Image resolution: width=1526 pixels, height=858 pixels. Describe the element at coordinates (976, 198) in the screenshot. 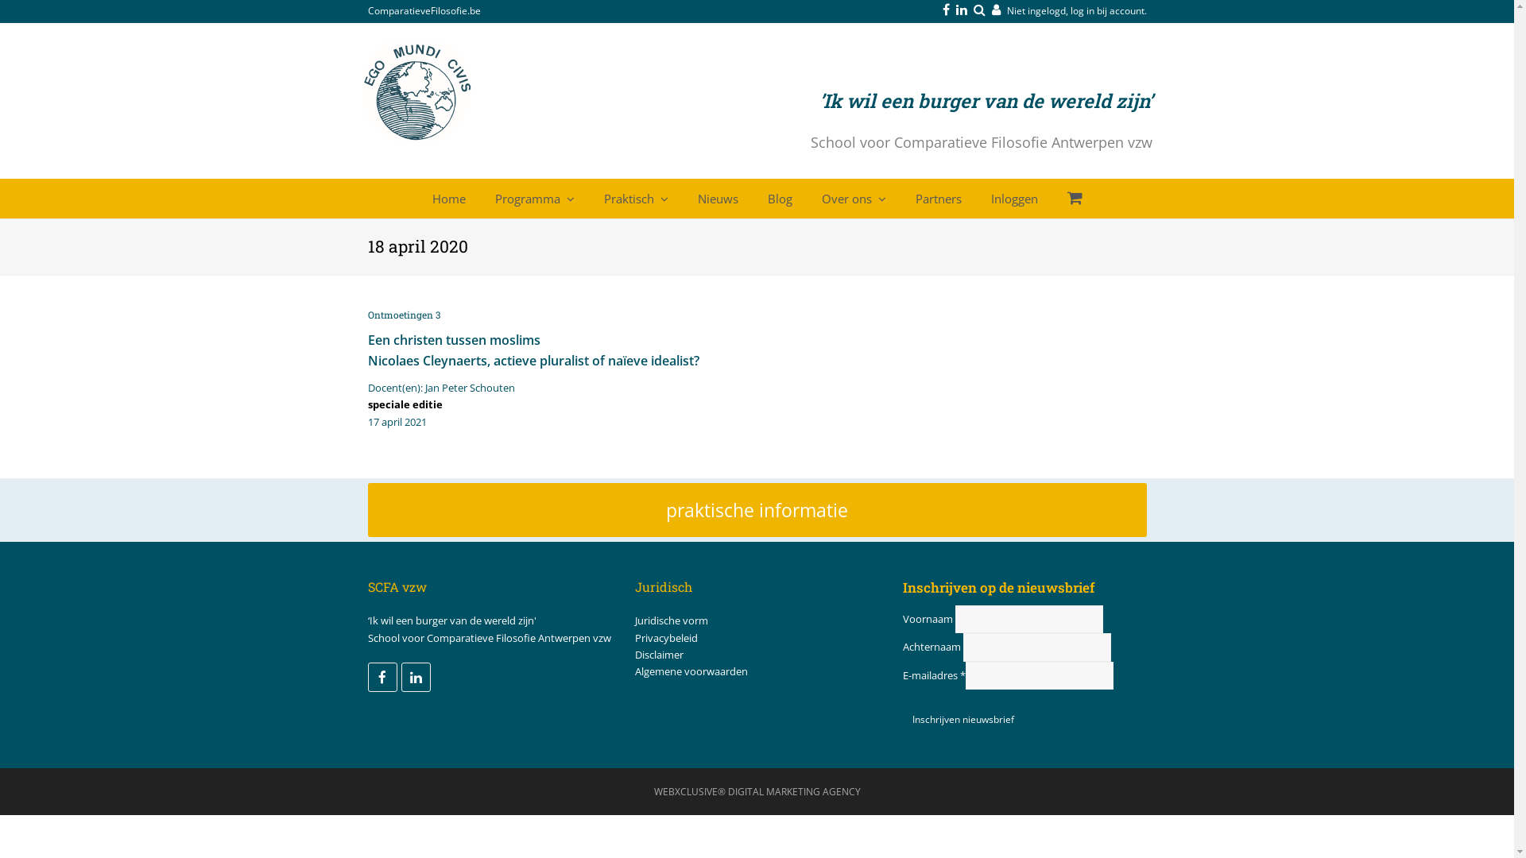

I see `'Inloggen'` at that location.